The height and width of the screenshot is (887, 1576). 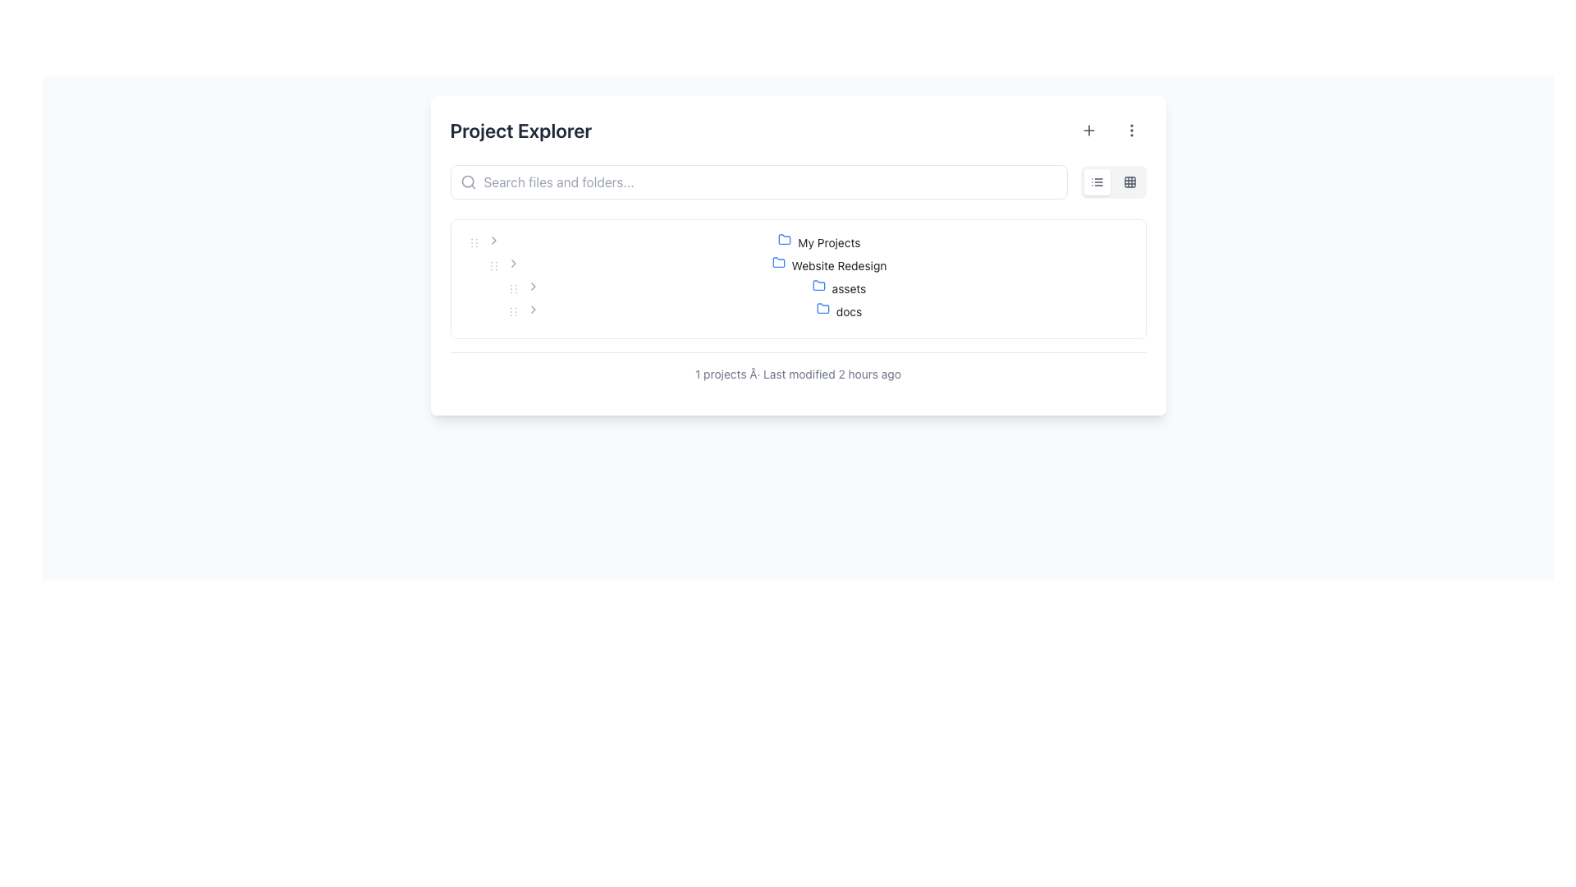 What do you see at coordinates (1097, 182) in the screenshot?
I see `the list icon button, which is a small icon resembling a series of horizontal lines stacked vertically` at bounding box center [1097, 182].